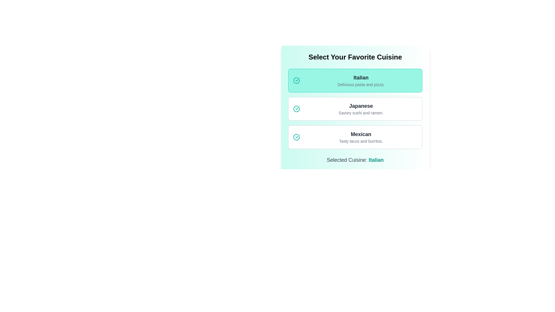 This screenshot has height=312, width=555. What do you see at coordinates (355, 57) in the screenshot?
I see `text from the header label positioned at the top of the centered card element with a gradient background and rounded corners` at bounding box center [355, 57].